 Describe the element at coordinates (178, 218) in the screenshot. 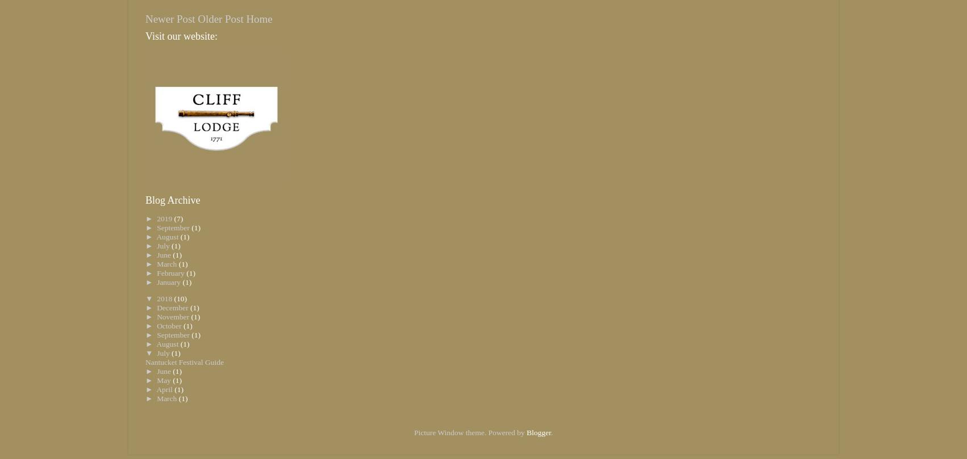

I see `'(7)'` at that location.